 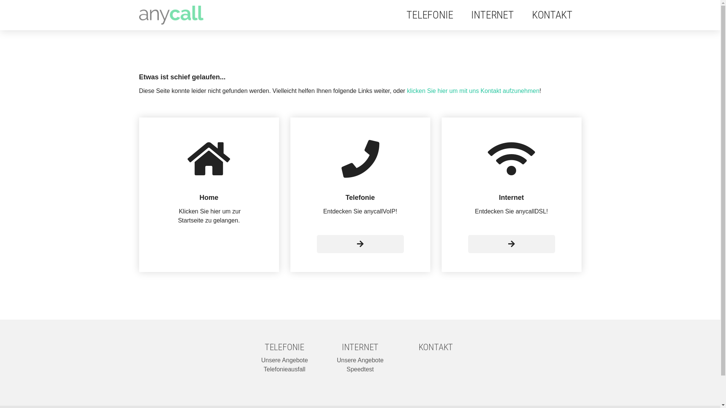 What do you see at coordinates (492, 15) in the screenshot?
I see `'INTERNET'` at bounding box center [492, 15].